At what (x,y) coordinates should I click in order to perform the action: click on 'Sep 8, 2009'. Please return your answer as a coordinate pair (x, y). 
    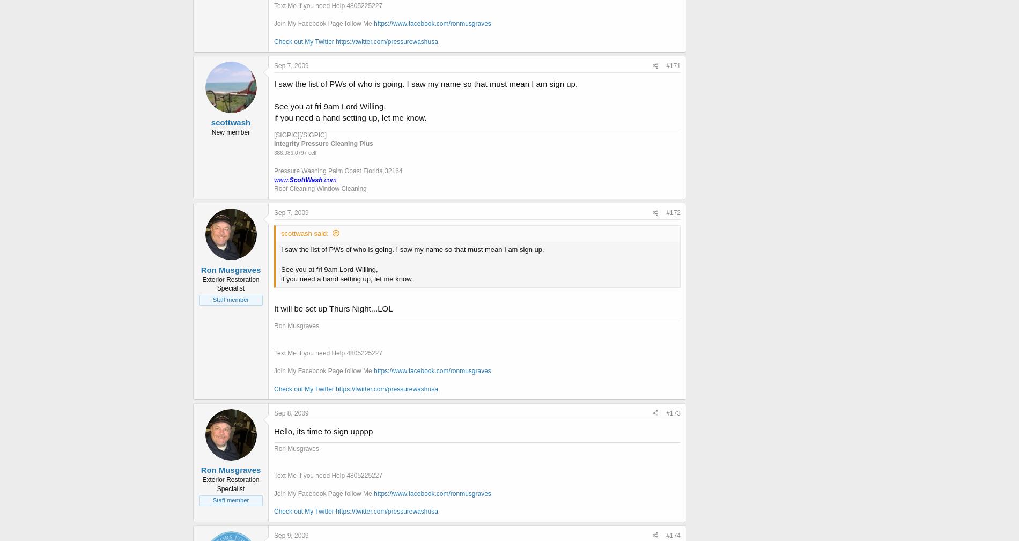
    Looking at the image, I should click on (291, 412).